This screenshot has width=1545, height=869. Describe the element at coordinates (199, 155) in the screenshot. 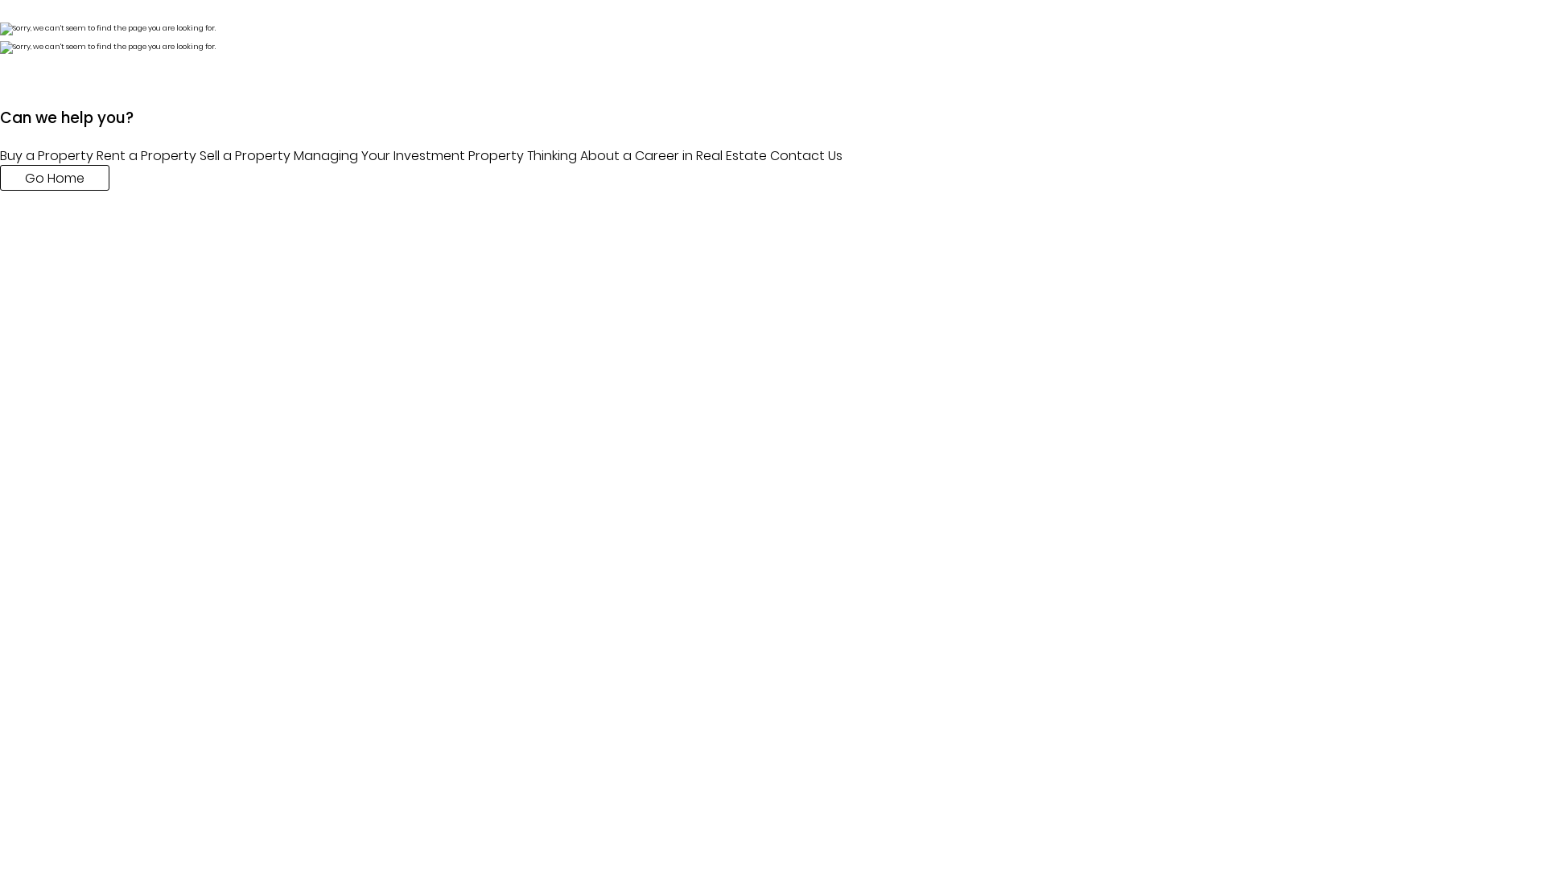

I see `'Sell a Property'` at that location.